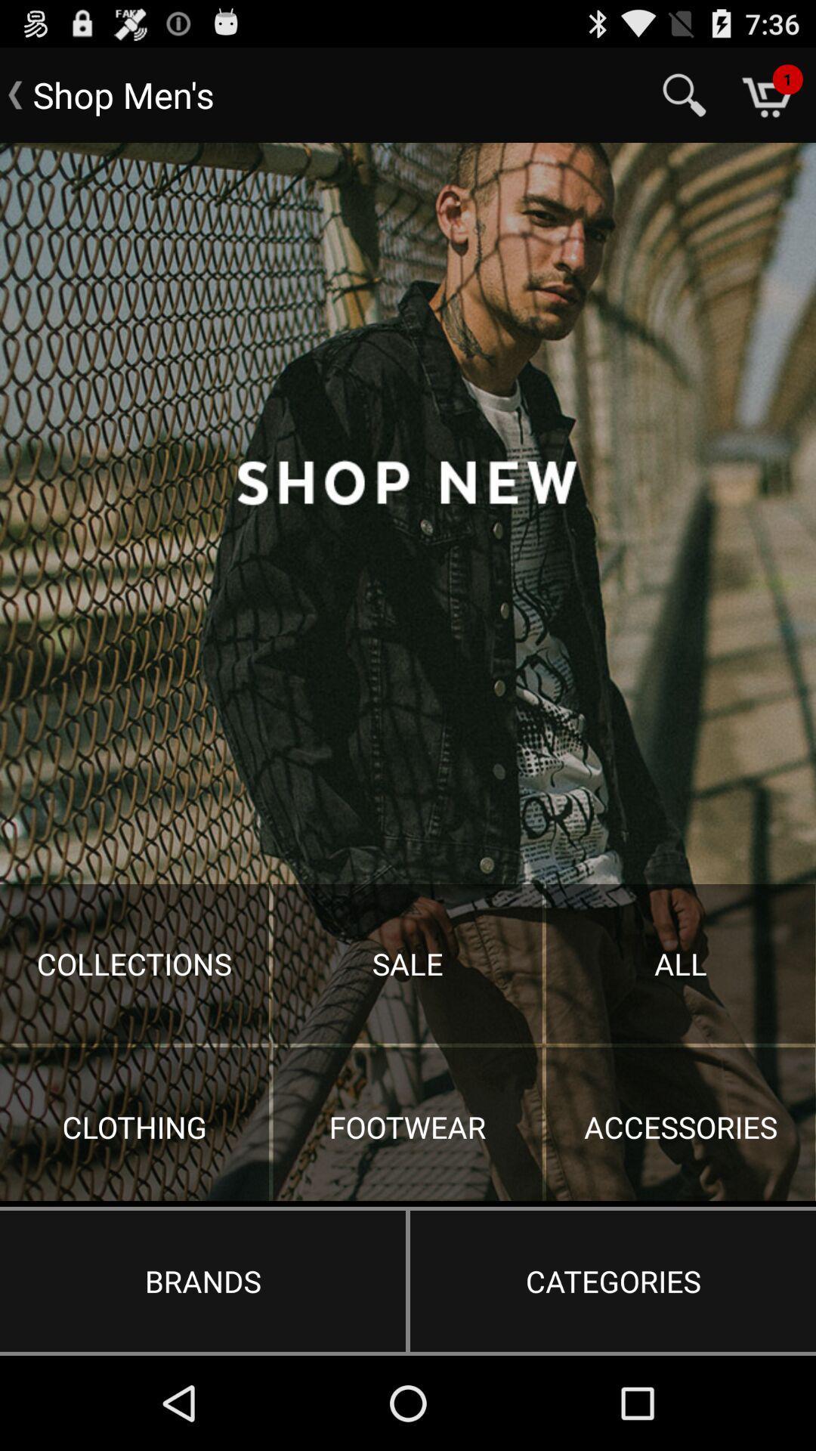 The height and width of the screenshot is (1451, 816). What do you see at coordinates (408, 671) in the screenshot?
I see `share the article` at bounding box center [408, 671].